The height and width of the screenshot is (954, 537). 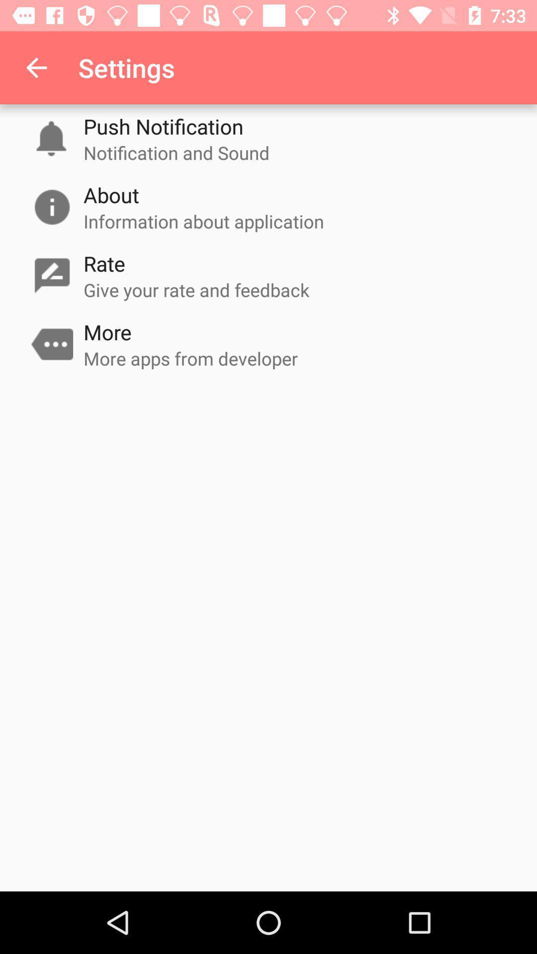 What do you see at coordinates (176, 152) in the screenshot?
I see `the notification and sound` at bounding box center [176, 152].